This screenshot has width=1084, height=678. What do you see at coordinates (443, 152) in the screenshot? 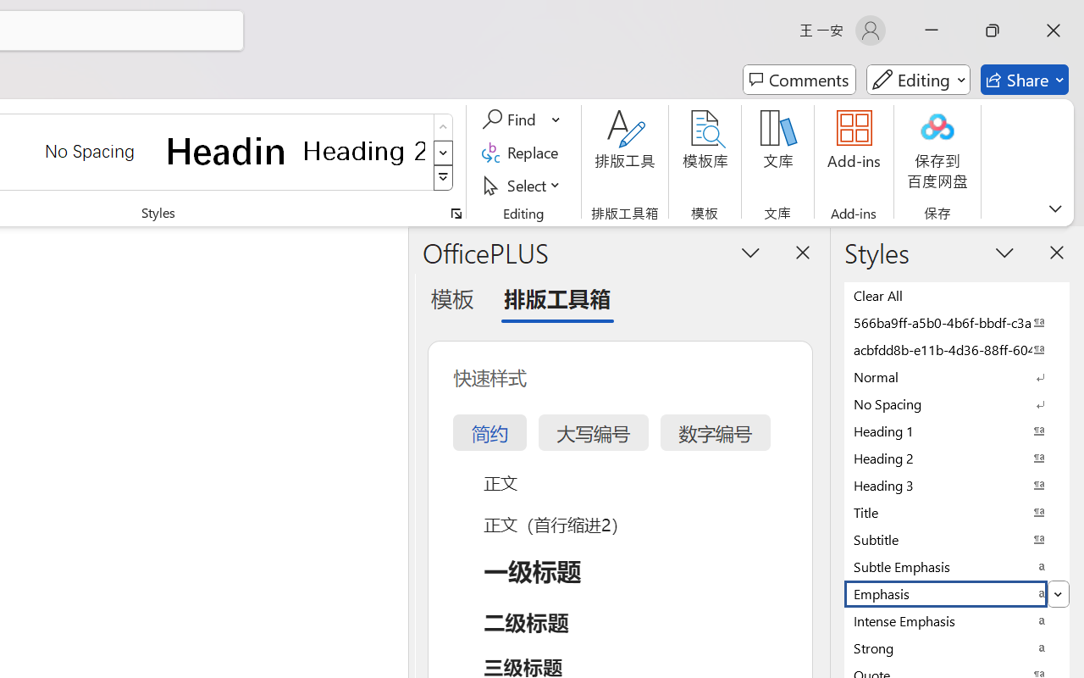
I see `'Row Down'` at bounding box center [443, 152].